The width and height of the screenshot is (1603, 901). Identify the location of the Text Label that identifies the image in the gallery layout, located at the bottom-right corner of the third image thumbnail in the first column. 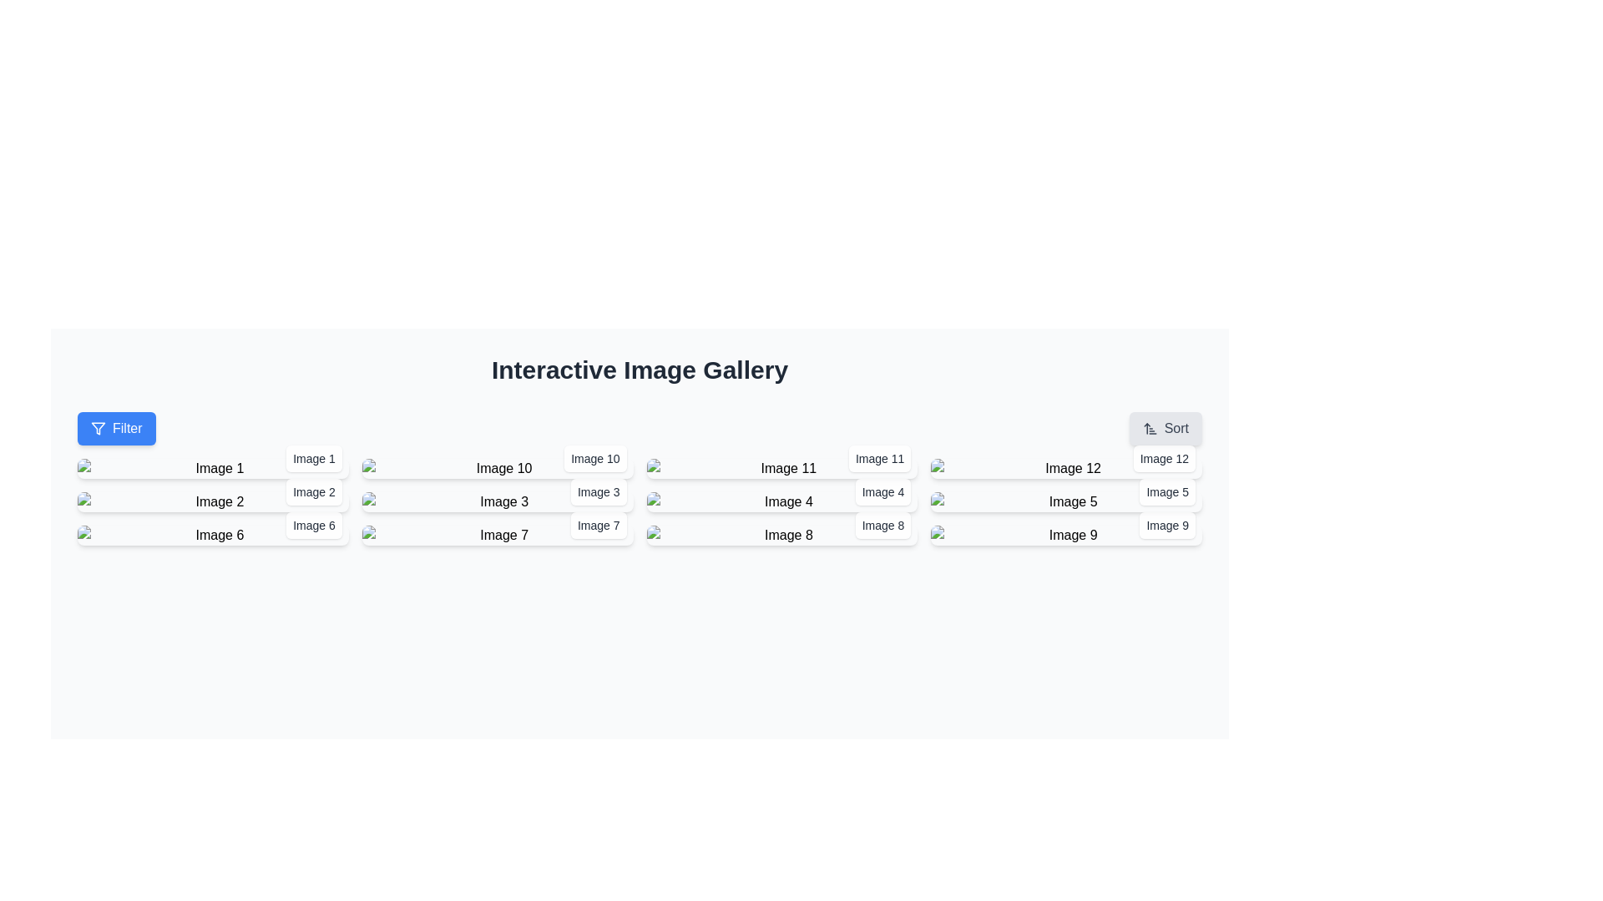
(314, 524).